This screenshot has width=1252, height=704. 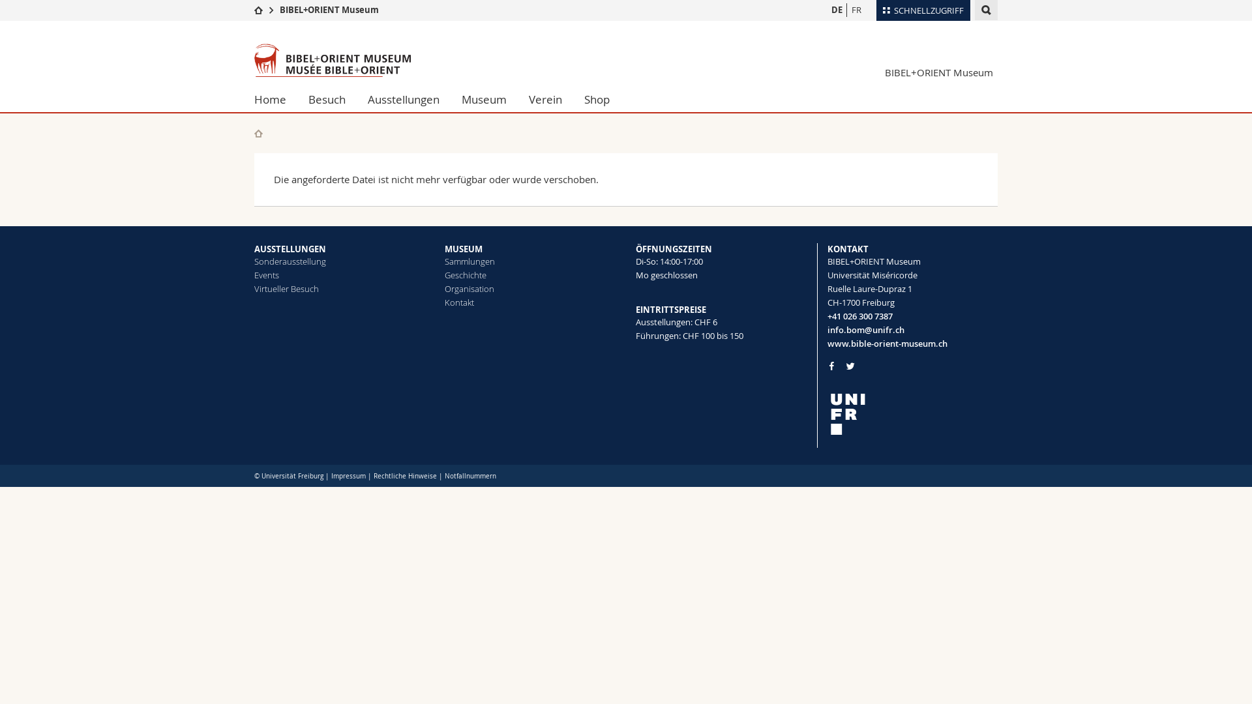 What do you see at coordinates (404, 476) in the screenshot?
I see `'Rechtliche Hinweise'` at bounding box center [404, 476].